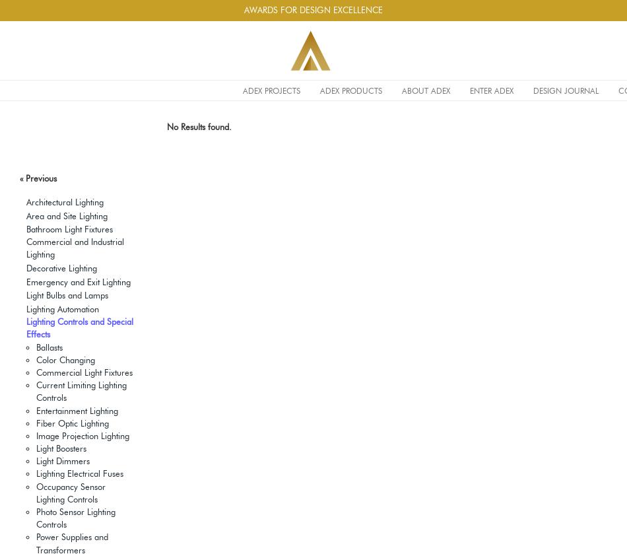 This screenshot has width=627, height=554. I want to click on 'Current Limiting Lighting Controls', so click(81, 391).